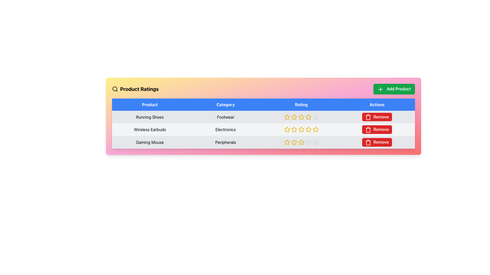 The width and height of the screenshot is (490, 275). What do you see at coordinates (368, 117) in the screenshot?
I see `the trash icon with a red background and white foreground, located in the 'Actions' column next to the 'Gaming Mouse' product entry` at bounding box center [368, 117].